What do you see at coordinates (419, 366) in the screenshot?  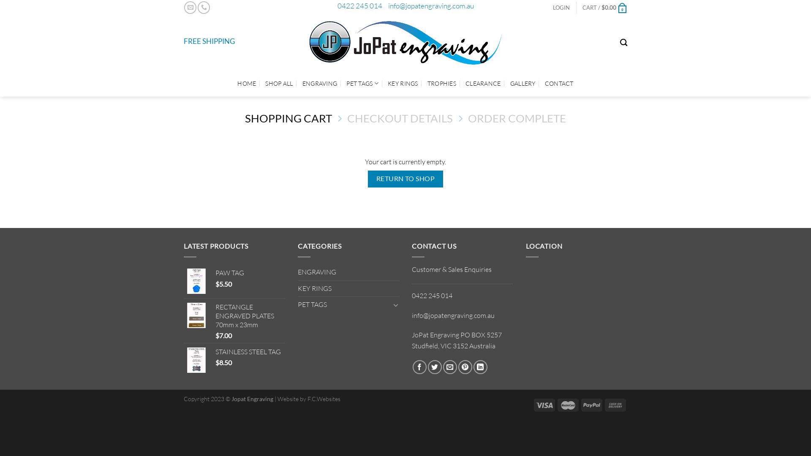 I see `'Share on Facebook'` at bounding box center [419, 366].